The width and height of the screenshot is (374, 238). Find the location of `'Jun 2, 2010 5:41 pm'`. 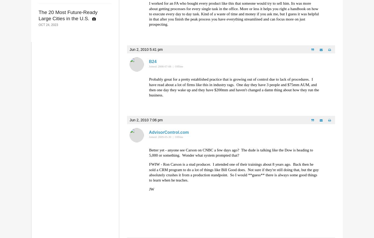

'Jun 2, 2010 5:41 pm' is located at coordinates (129, 49).